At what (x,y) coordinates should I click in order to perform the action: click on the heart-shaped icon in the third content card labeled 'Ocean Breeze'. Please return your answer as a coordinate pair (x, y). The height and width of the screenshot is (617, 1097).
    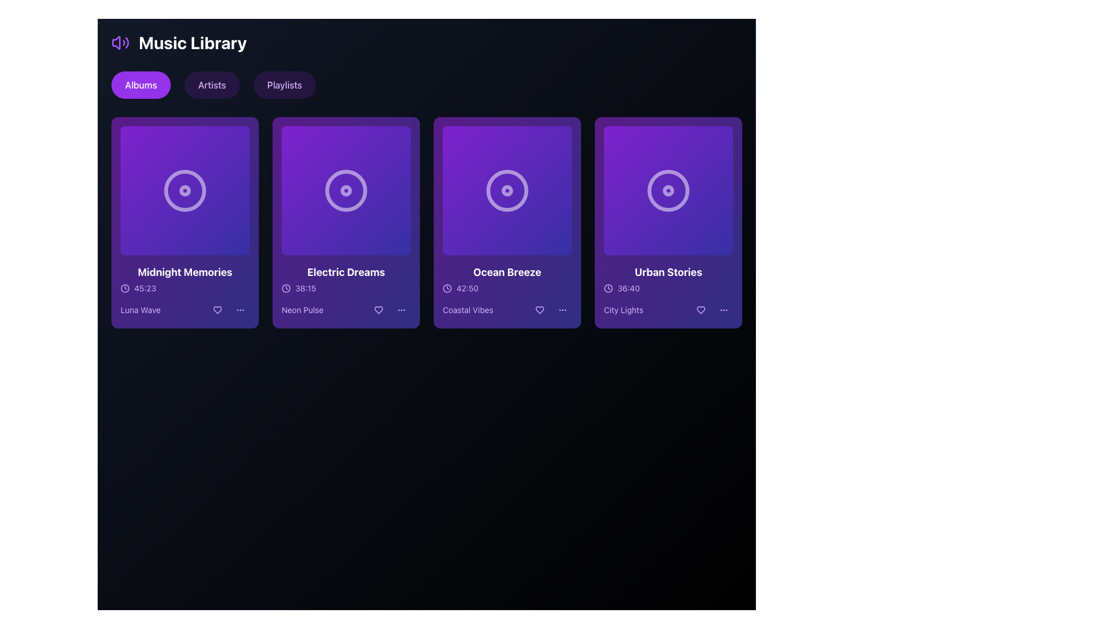
    Looking at the image, I should click on (539, 310).